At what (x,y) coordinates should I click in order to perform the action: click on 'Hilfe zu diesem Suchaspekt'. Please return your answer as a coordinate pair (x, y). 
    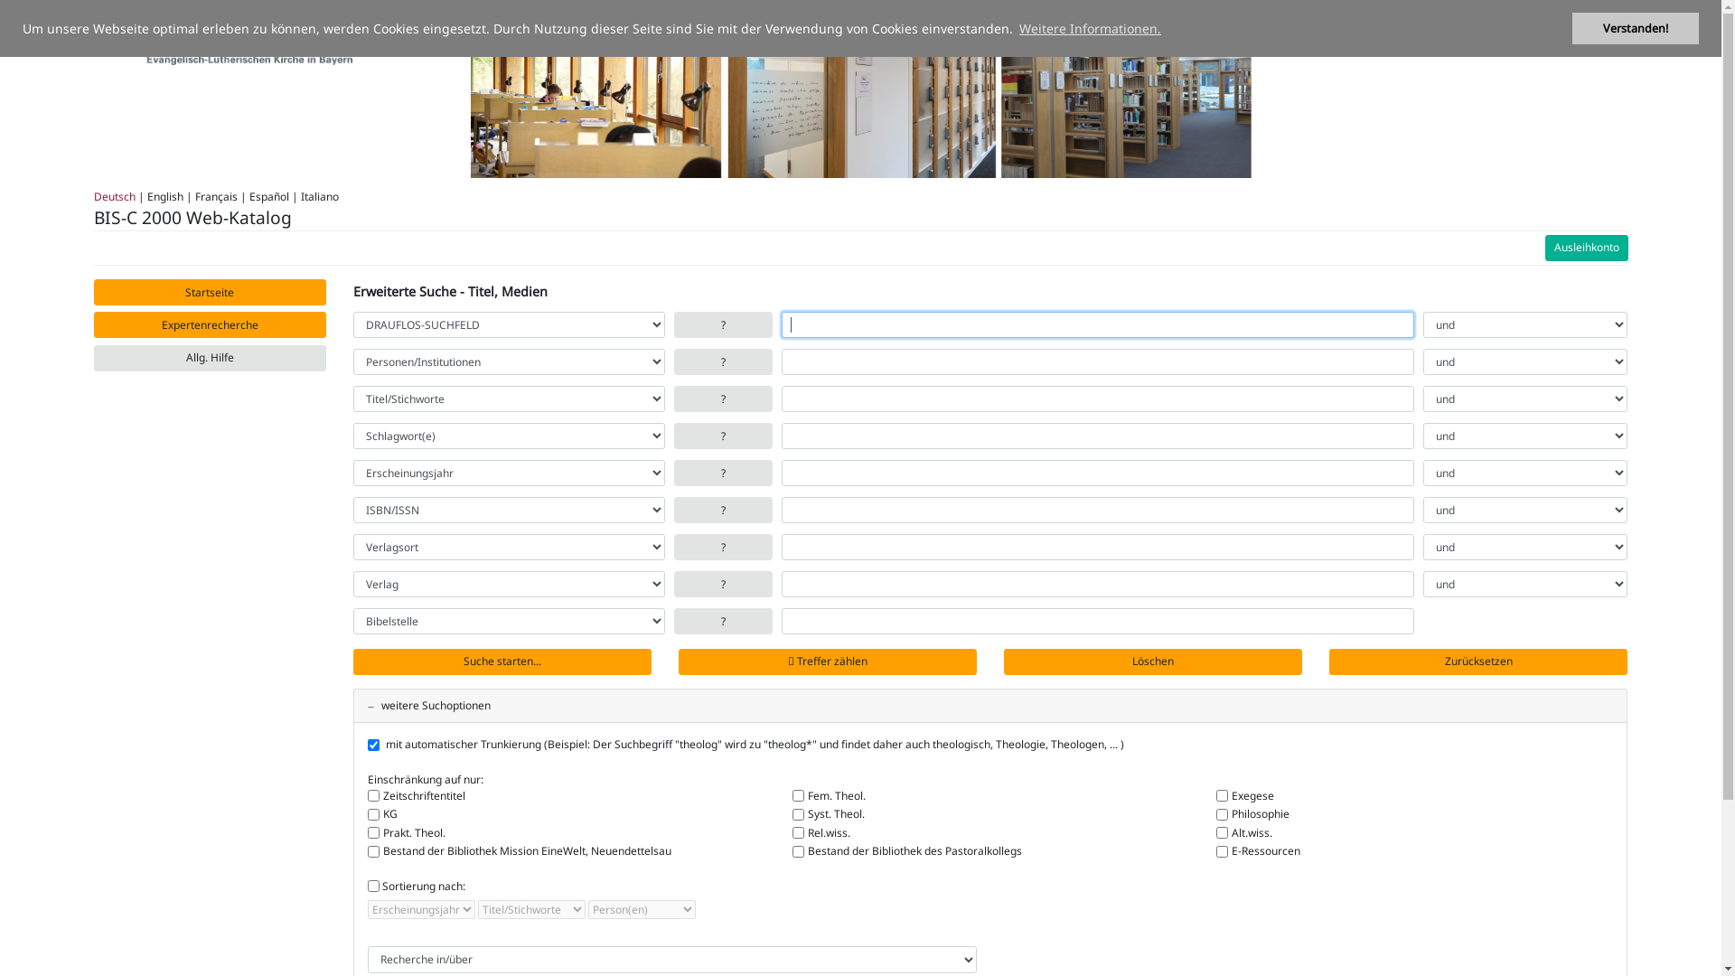
    Looking at the image, I should click on (672, 361).